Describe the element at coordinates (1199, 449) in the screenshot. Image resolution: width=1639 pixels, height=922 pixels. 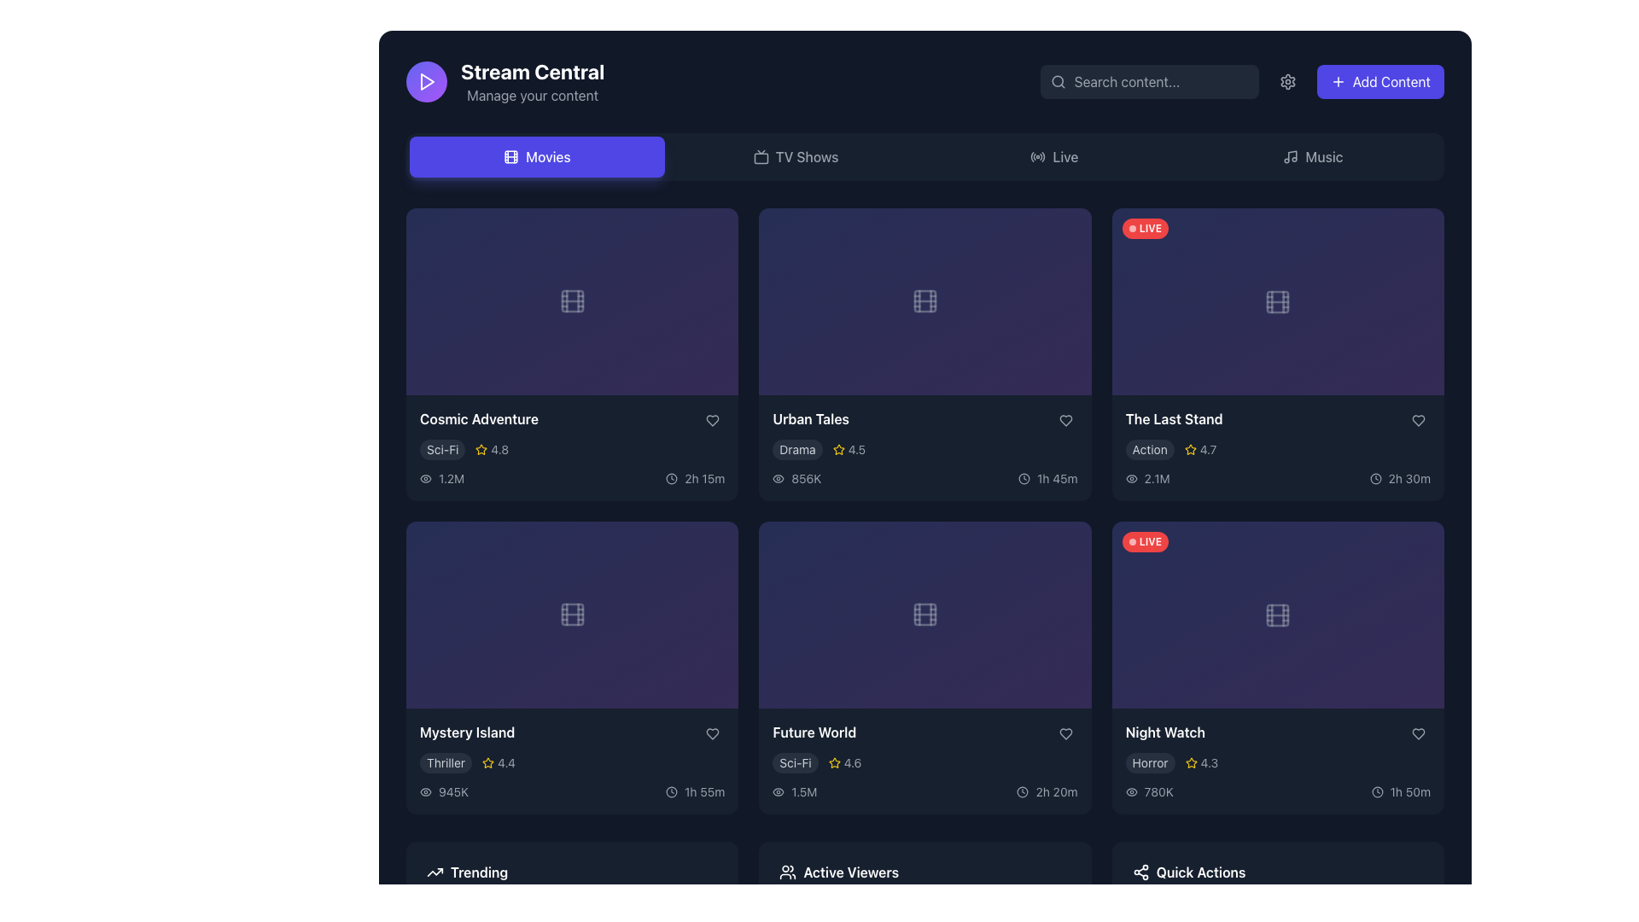
I see `displayed rating of '4.7' from the yellow star icon next to the gray text, located within the card for the movie 'The Last Stand', positioned to the right of the 'Action' tag` at that location.